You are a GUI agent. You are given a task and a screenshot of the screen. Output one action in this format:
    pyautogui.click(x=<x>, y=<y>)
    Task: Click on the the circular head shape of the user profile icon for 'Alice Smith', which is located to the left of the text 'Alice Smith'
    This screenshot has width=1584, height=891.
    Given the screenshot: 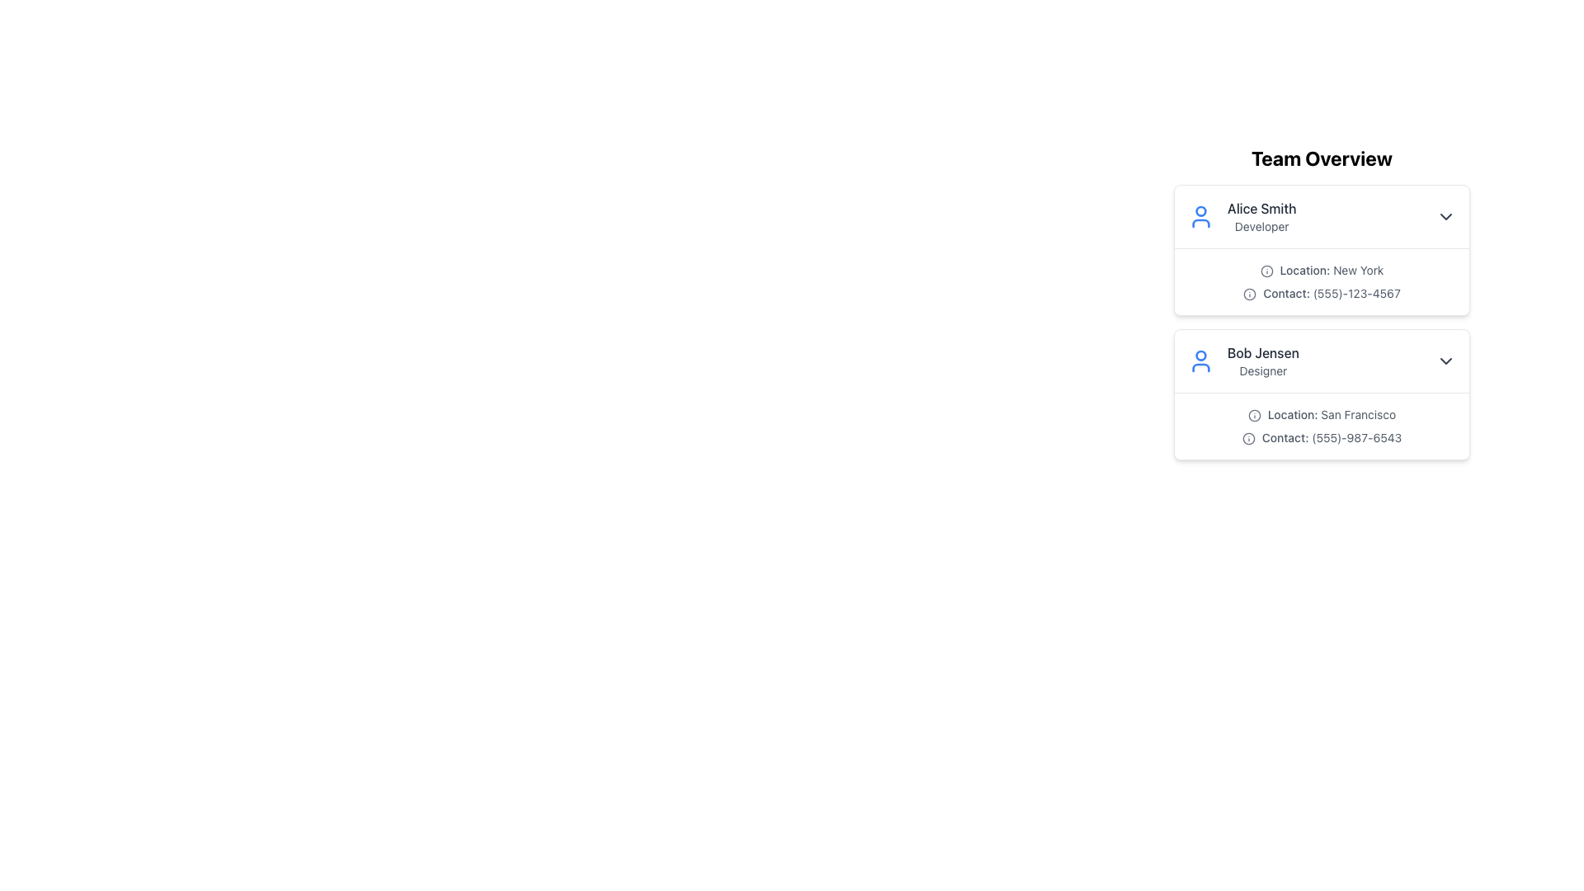 What is the action you would take?
    pyautogui.click(x=1200, y=210)
    